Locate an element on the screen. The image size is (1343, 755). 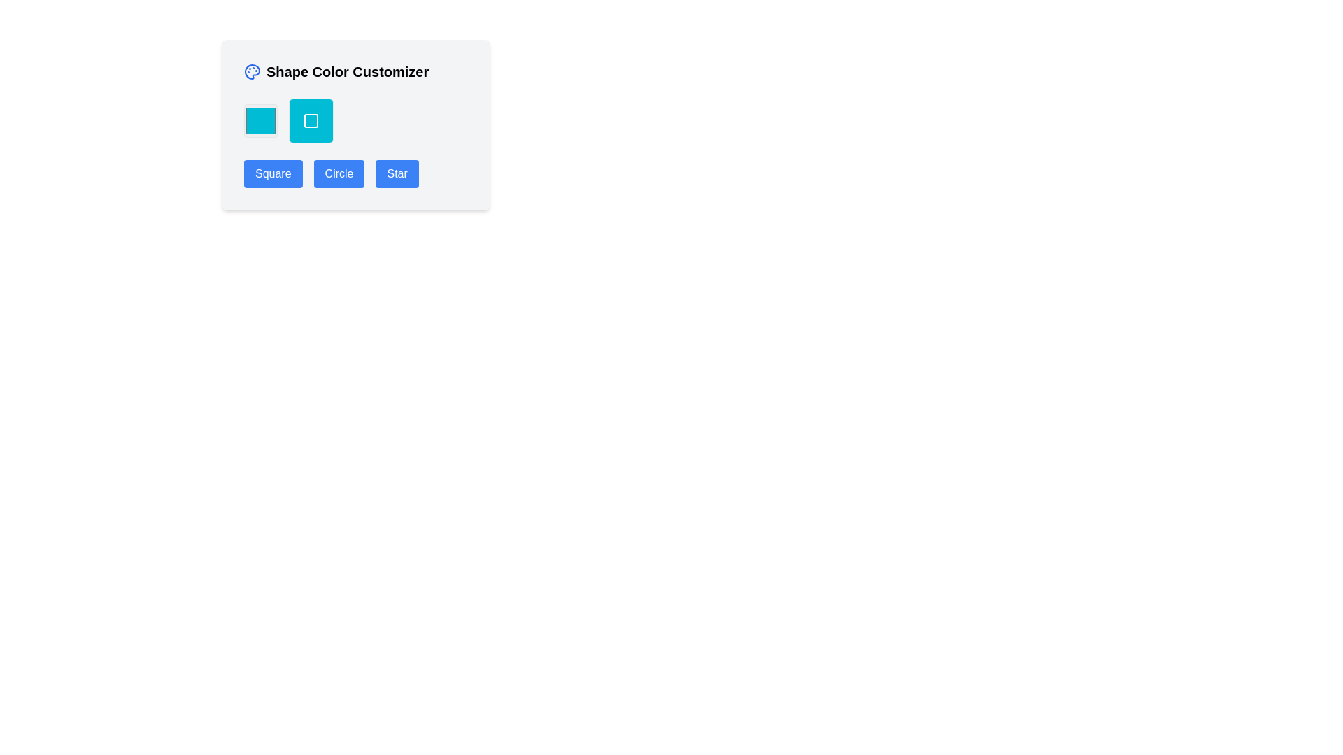
the SVG graphic element that serves as a selectable option within the shape or color customization tool, located centrally in its layout group and positioned to the right of a similar standalone square is located at coordinates (311, 120).